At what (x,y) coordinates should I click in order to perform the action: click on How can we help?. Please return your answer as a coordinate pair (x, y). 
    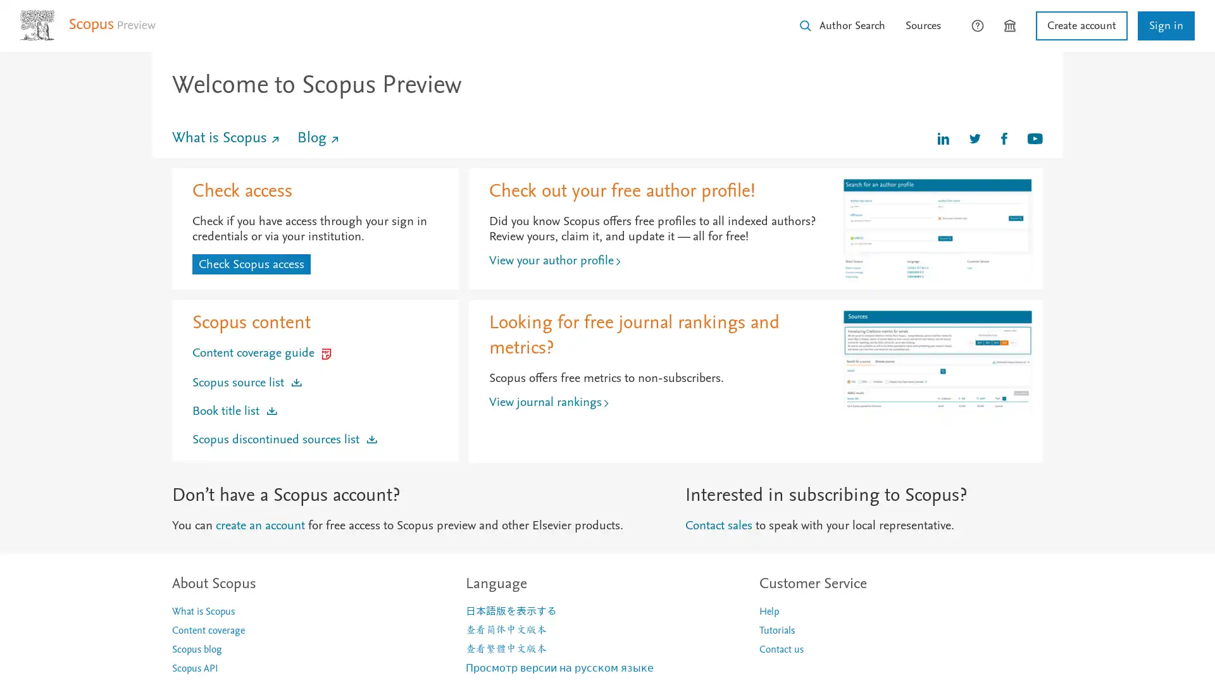
    Looking at the image, I should click on (976, 26).